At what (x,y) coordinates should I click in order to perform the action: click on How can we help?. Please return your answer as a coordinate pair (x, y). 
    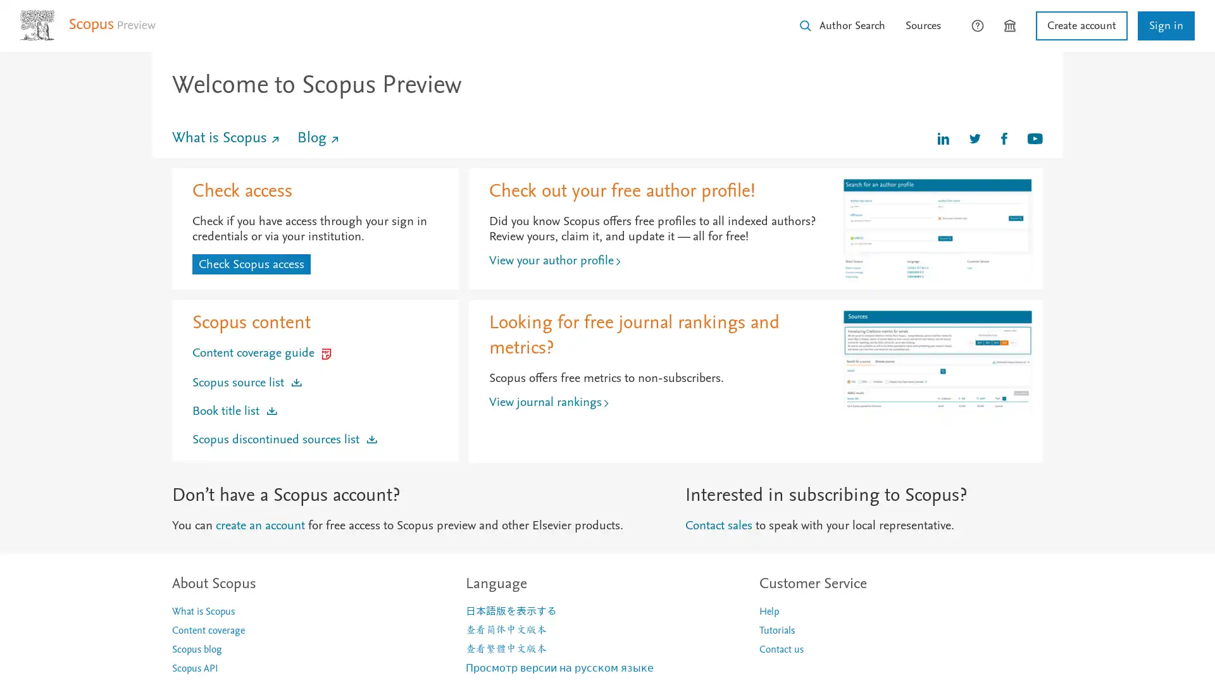
    Looking at the image, I should click on (976, 26).